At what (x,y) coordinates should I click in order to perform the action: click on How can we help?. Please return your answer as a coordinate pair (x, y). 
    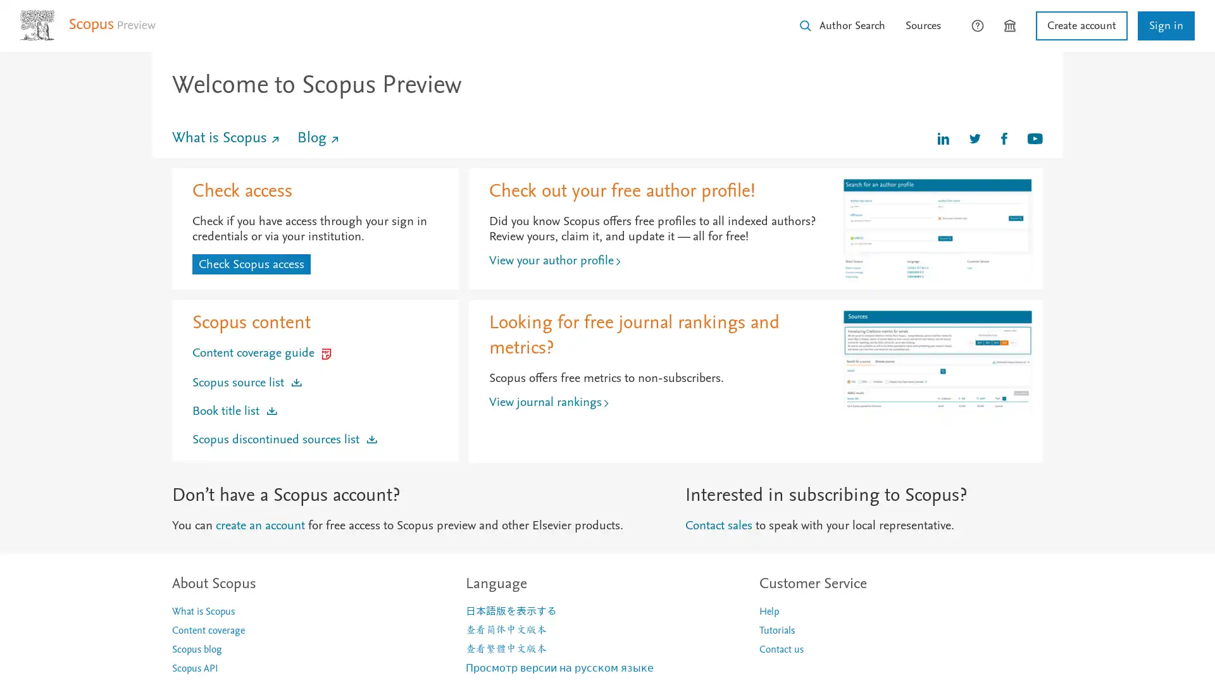
    Looking at the image, I should click on (976, 26).